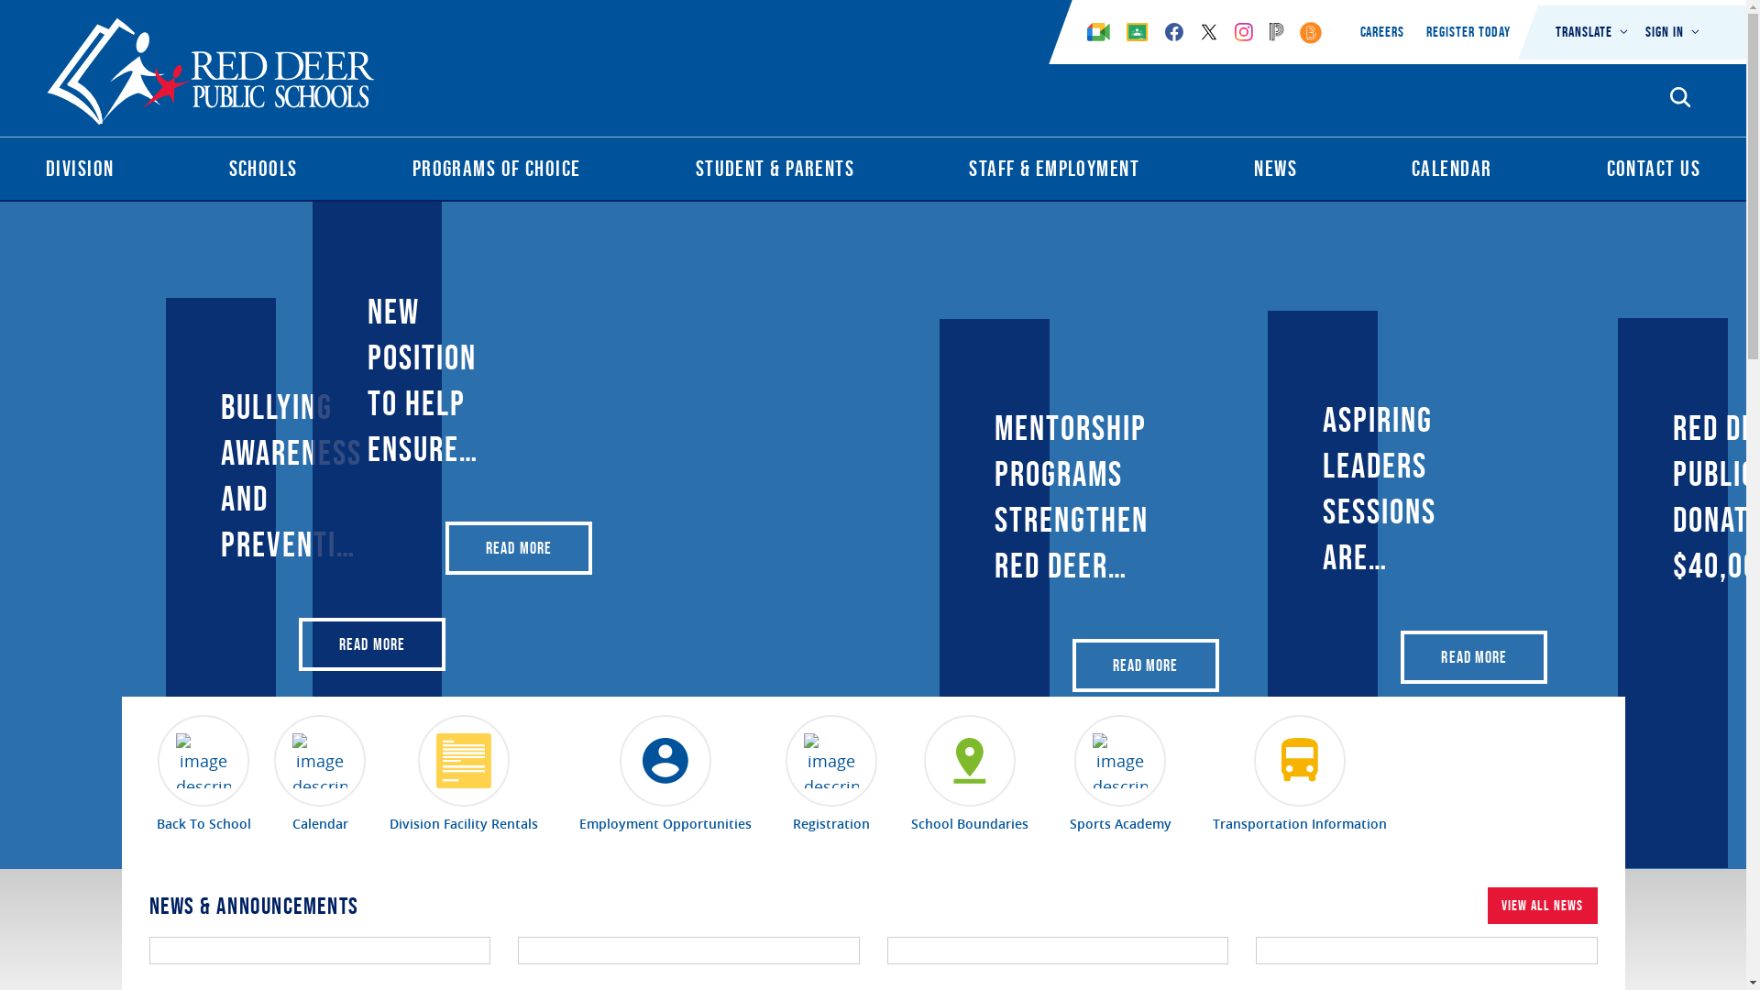  I want to click on 'Student & Parents', so click(775, 172).